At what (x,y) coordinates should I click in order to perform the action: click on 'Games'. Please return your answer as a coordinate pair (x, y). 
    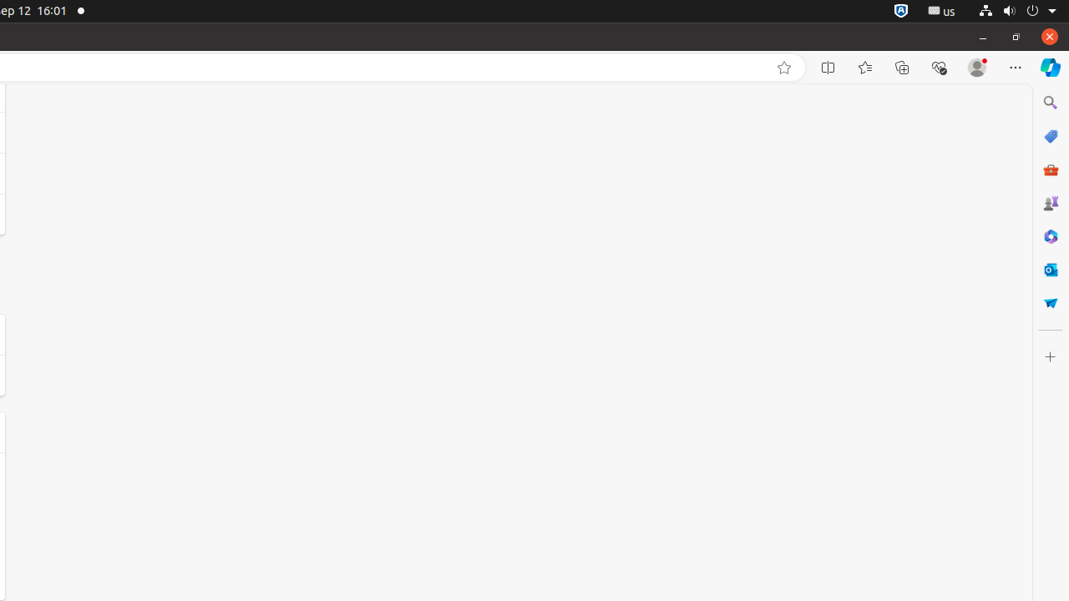
    Looking at the image, I should click on (1049, 202).